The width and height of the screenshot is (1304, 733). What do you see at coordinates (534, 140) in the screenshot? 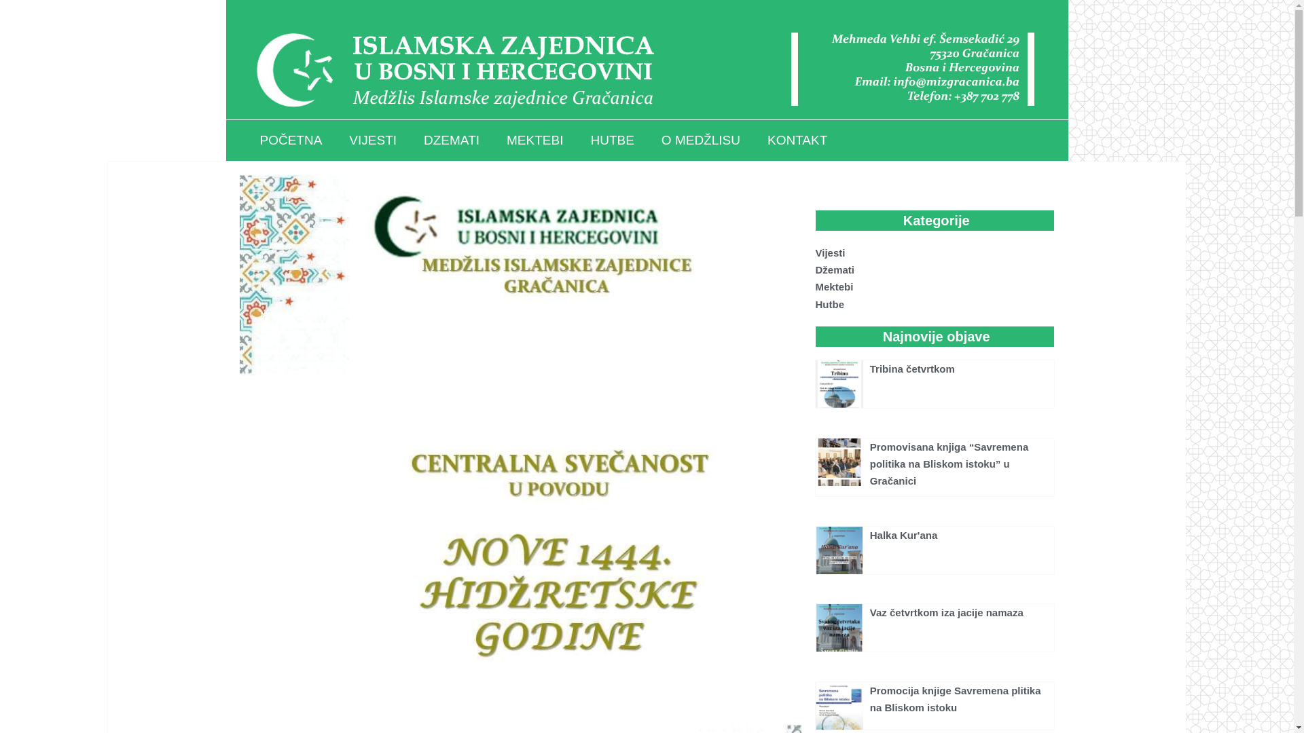
I see `'MEKTEBI'` at bounding box center [534, 140].